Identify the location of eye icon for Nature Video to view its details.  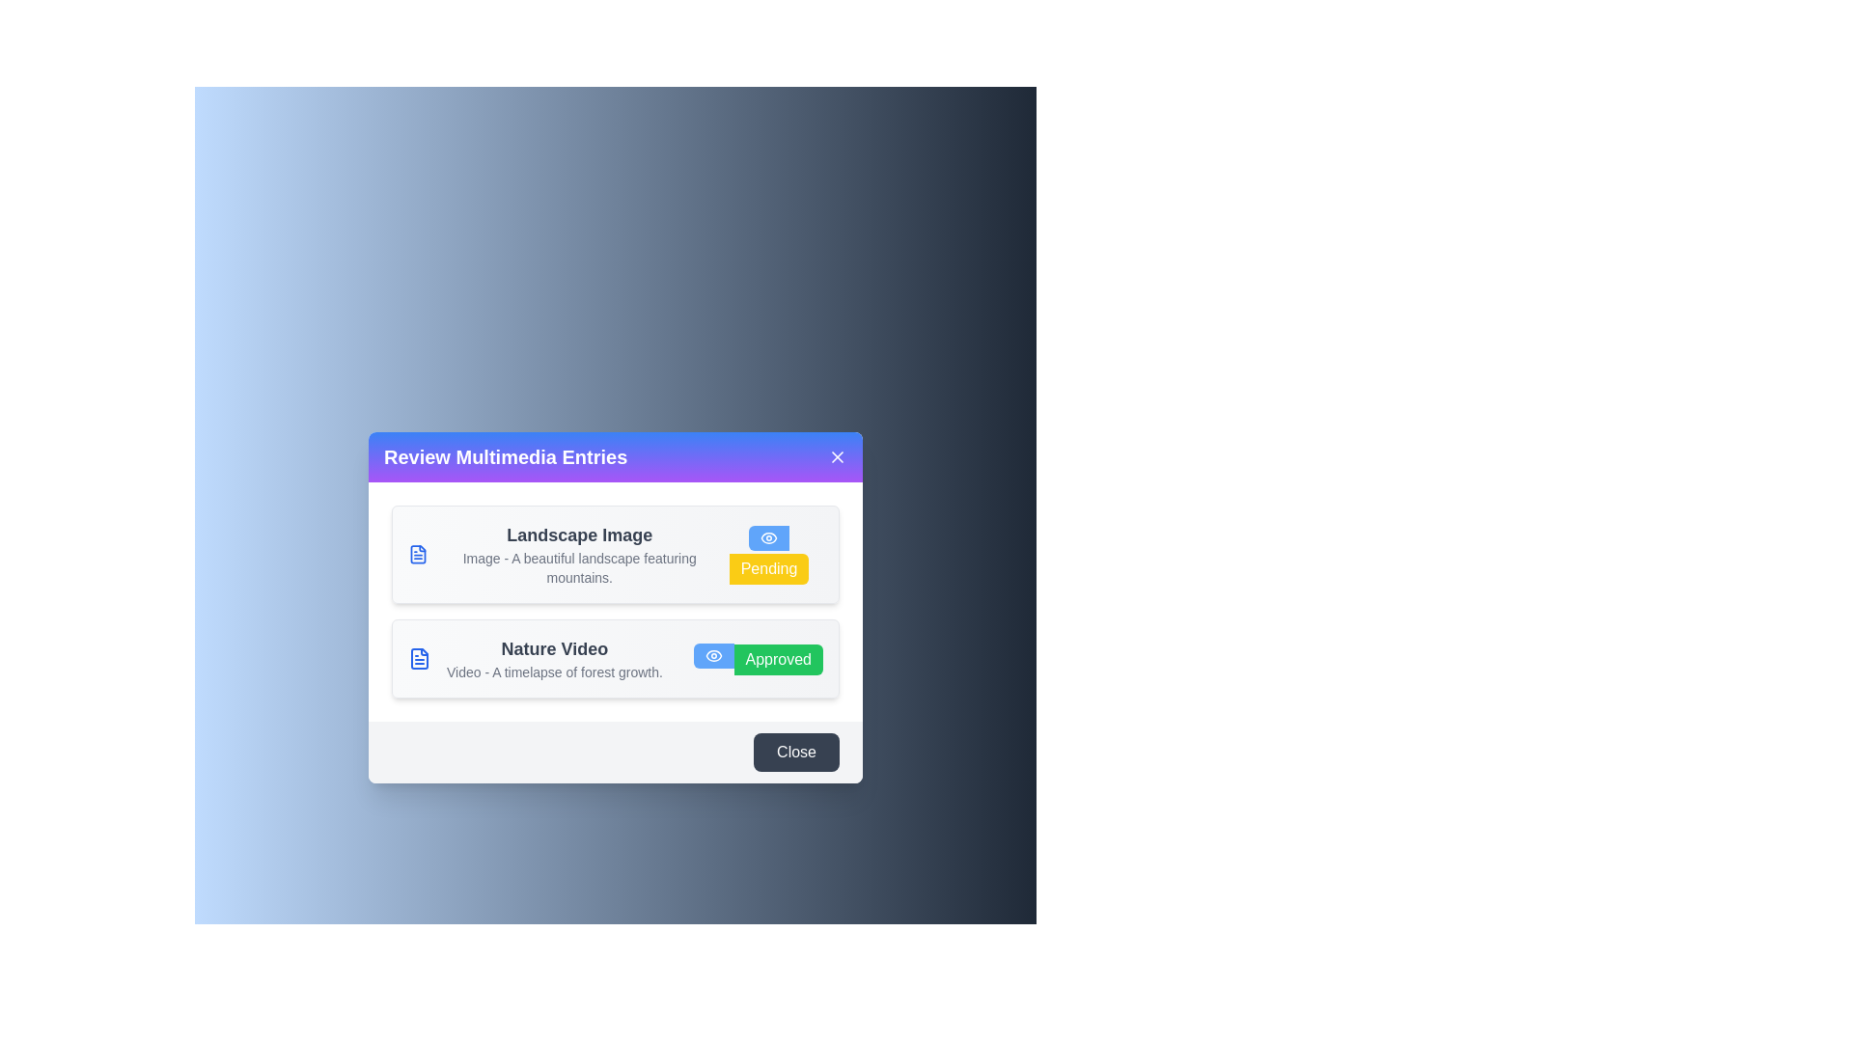
(712, 654).